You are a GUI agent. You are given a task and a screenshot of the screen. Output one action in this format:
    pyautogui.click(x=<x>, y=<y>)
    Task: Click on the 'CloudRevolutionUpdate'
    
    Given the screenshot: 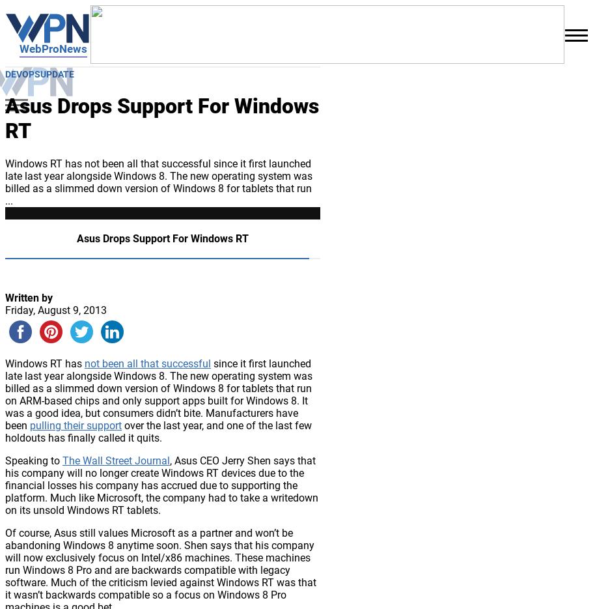 What is the action you would take?
    pyautogui.click(x=112, y=342)
    